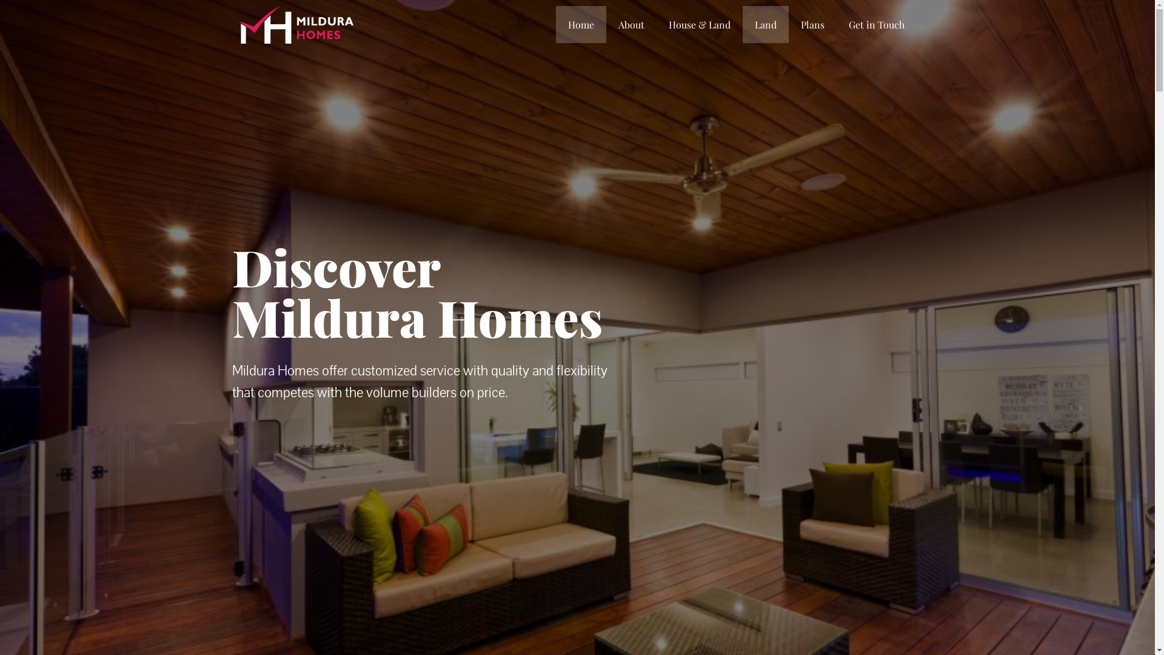 The width and height of the screenshot is (1164, 655). I want to click on 'Home', so click(580, 24).